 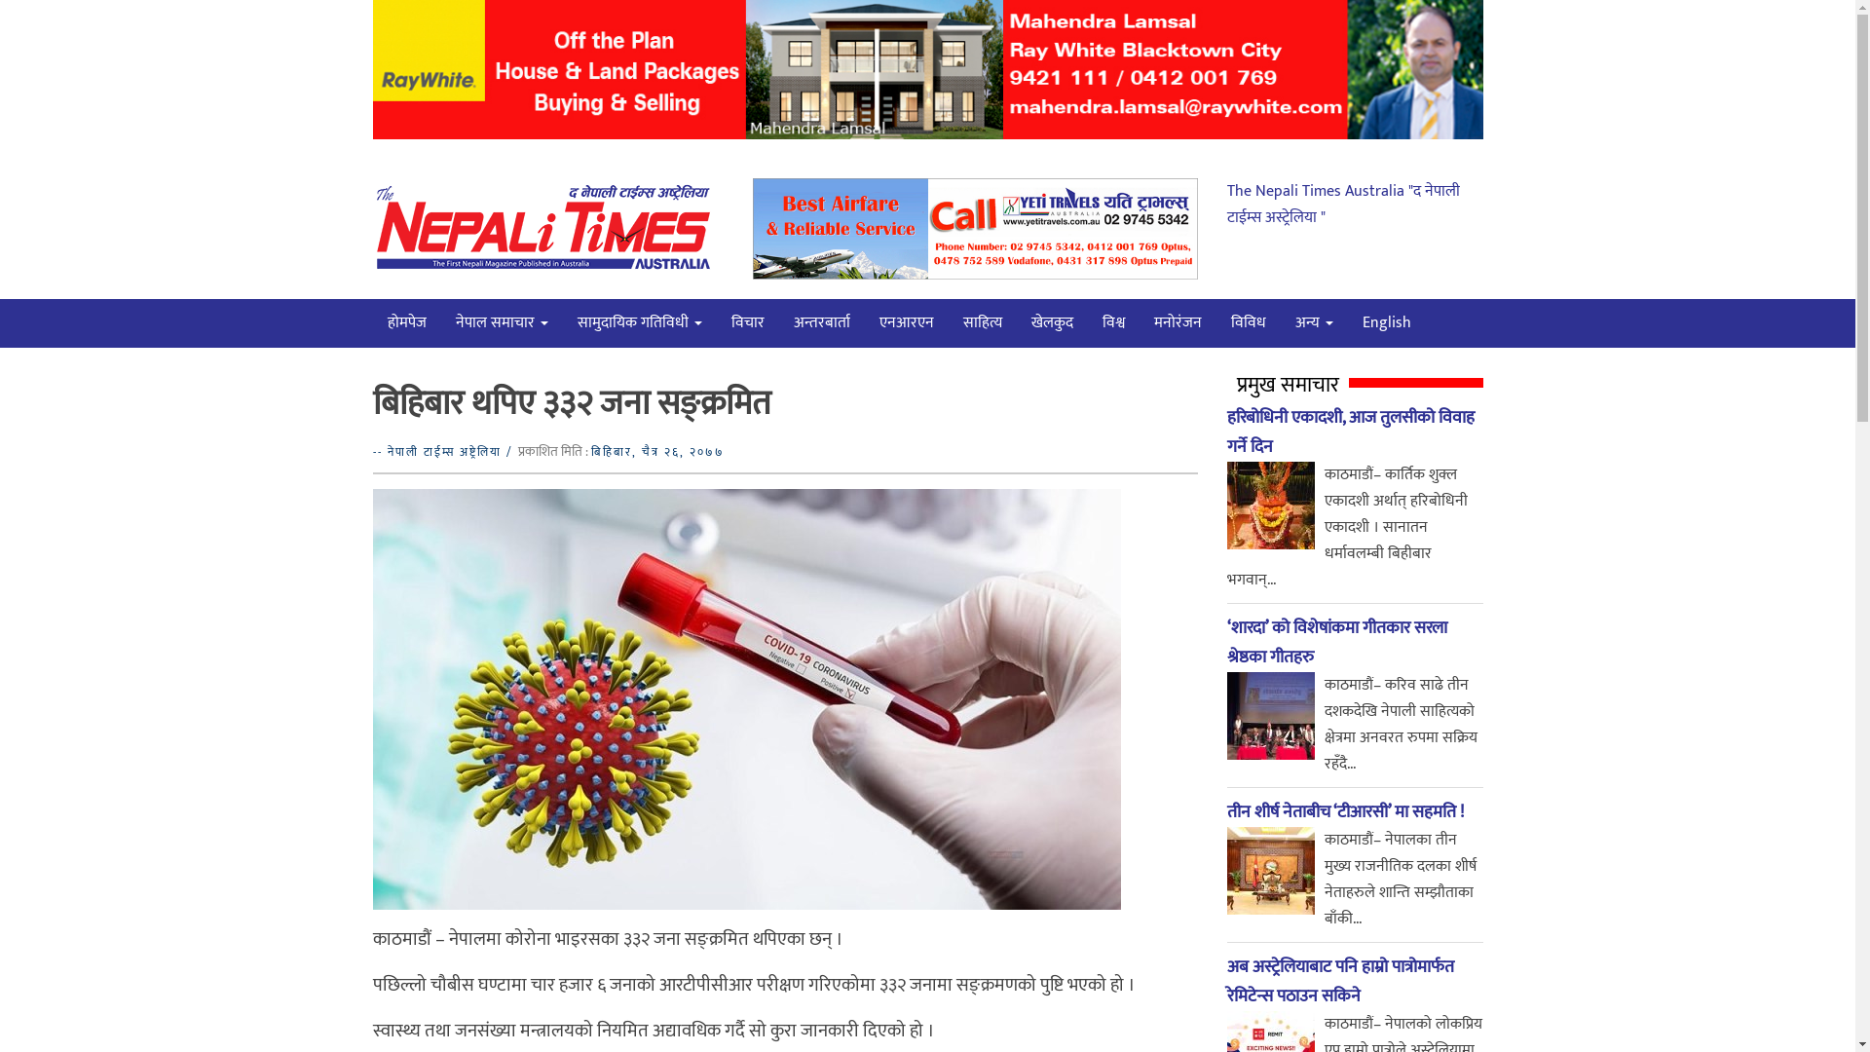 I want to click on 'English', so click(x=1386, y=321).